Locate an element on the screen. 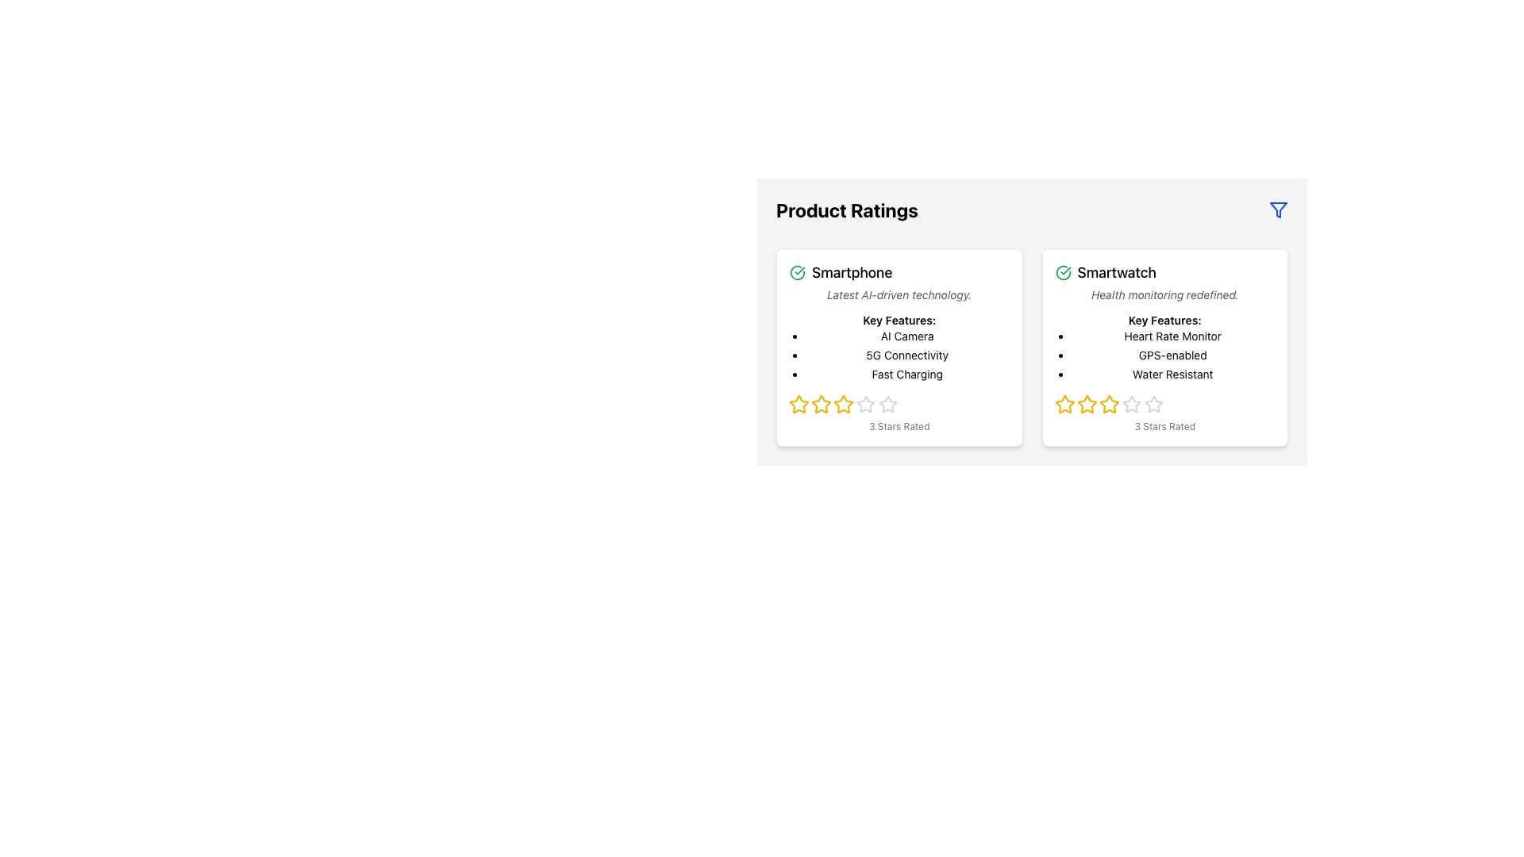 This screenshot has height=857, width=1524. the text label describing the fast charging capability of the 'Smartphone' product, which is the third item in the vertical bulleted list titled 'Key Features' is located at coordinates (907, 374).